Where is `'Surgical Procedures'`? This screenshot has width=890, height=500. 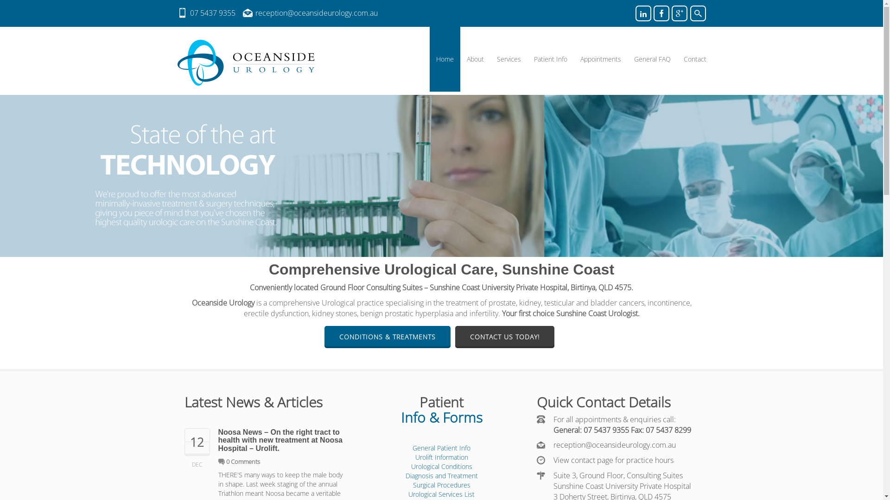 'Surgical Procedures' is located at coordinates (440, 484).